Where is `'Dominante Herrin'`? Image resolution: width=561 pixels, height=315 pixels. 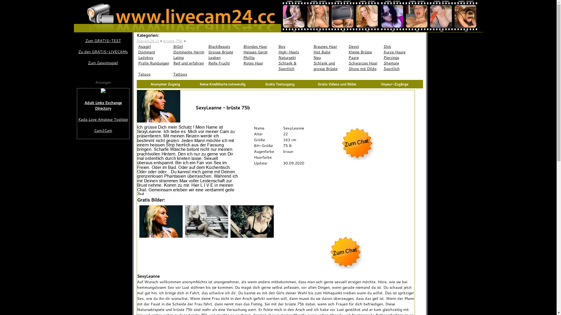 'Dominante Herrin' is located at coordinates (189, 52).